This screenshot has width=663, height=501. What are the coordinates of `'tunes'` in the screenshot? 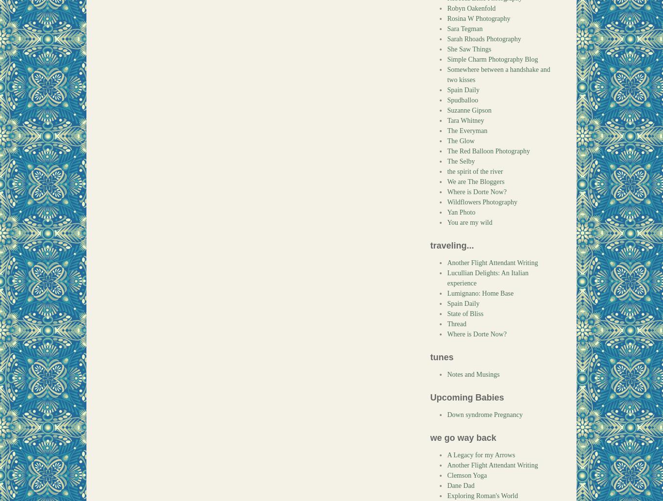 It's located at (441, 357).